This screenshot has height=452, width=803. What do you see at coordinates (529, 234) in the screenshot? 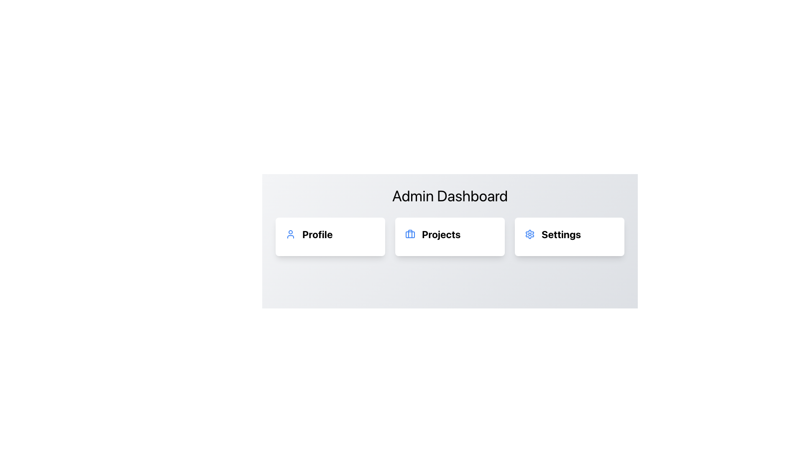
I see `the settings icon located to the left of the 'Settings' text in the rightmost card` at bounding box center [529, 234].